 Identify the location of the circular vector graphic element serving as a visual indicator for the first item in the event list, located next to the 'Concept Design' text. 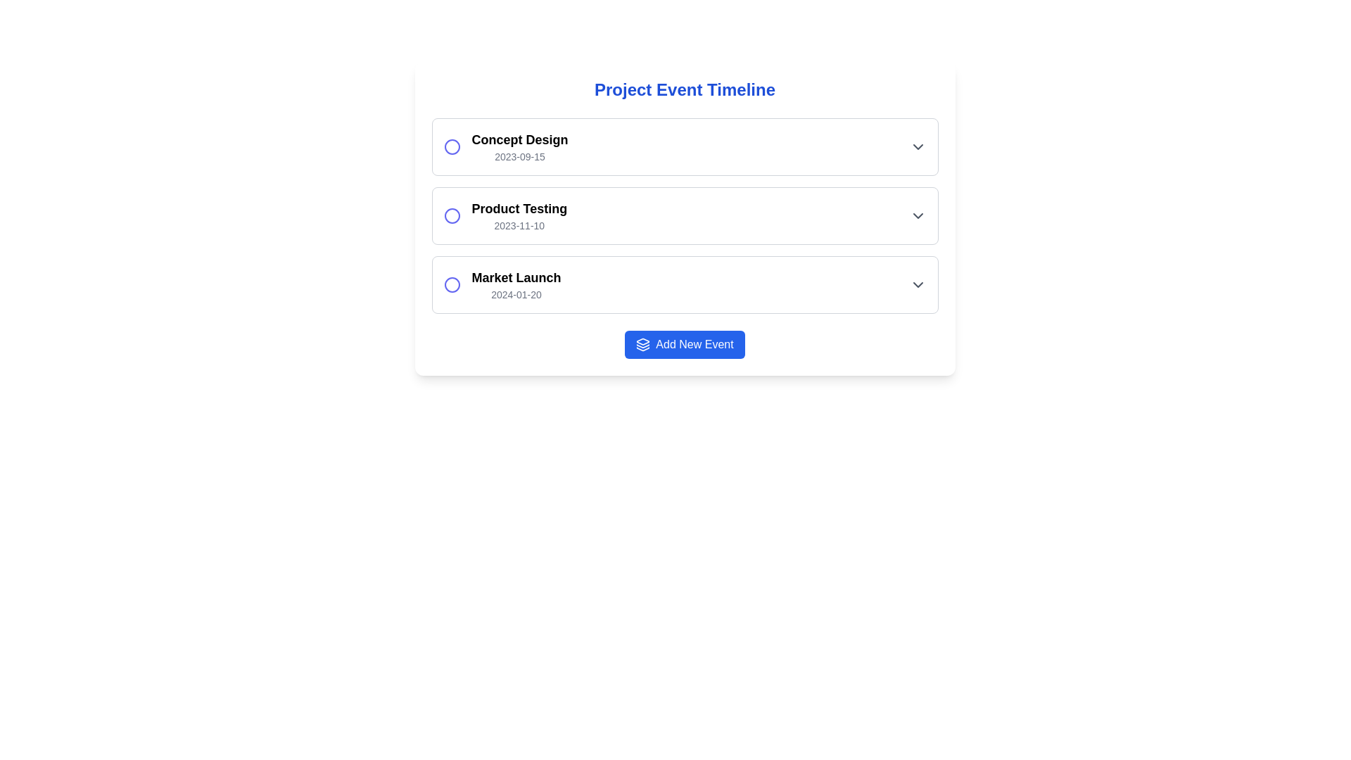
(452, 146).